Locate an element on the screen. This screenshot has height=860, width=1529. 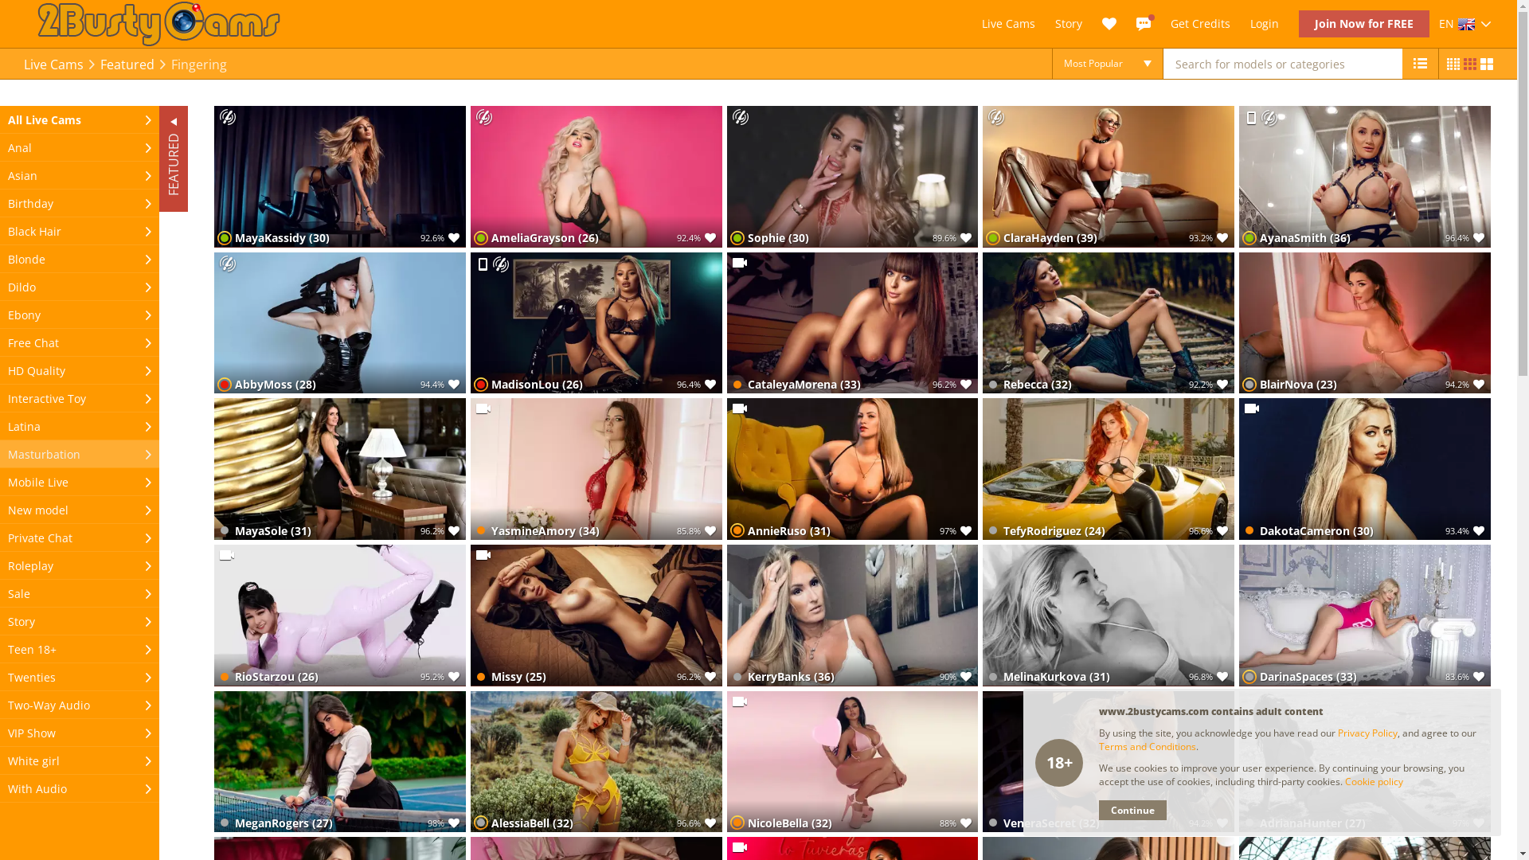
'Private Chat' is located at coordinates (0, 537).